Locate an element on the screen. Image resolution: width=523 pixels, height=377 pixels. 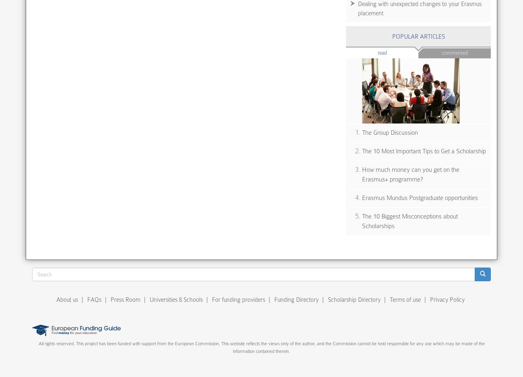
'Funding Directory' is located at coordinates (296, 299).